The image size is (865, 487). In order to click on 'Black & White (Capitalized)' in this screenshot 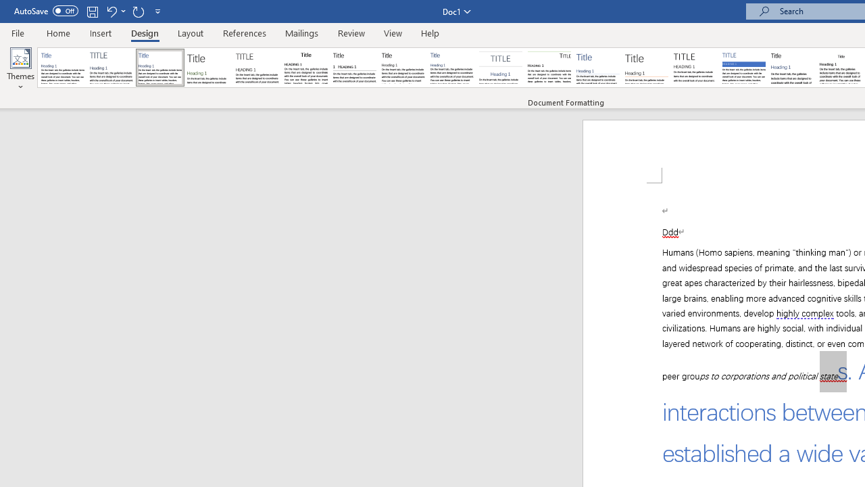, I will do `click(257, 68)`.